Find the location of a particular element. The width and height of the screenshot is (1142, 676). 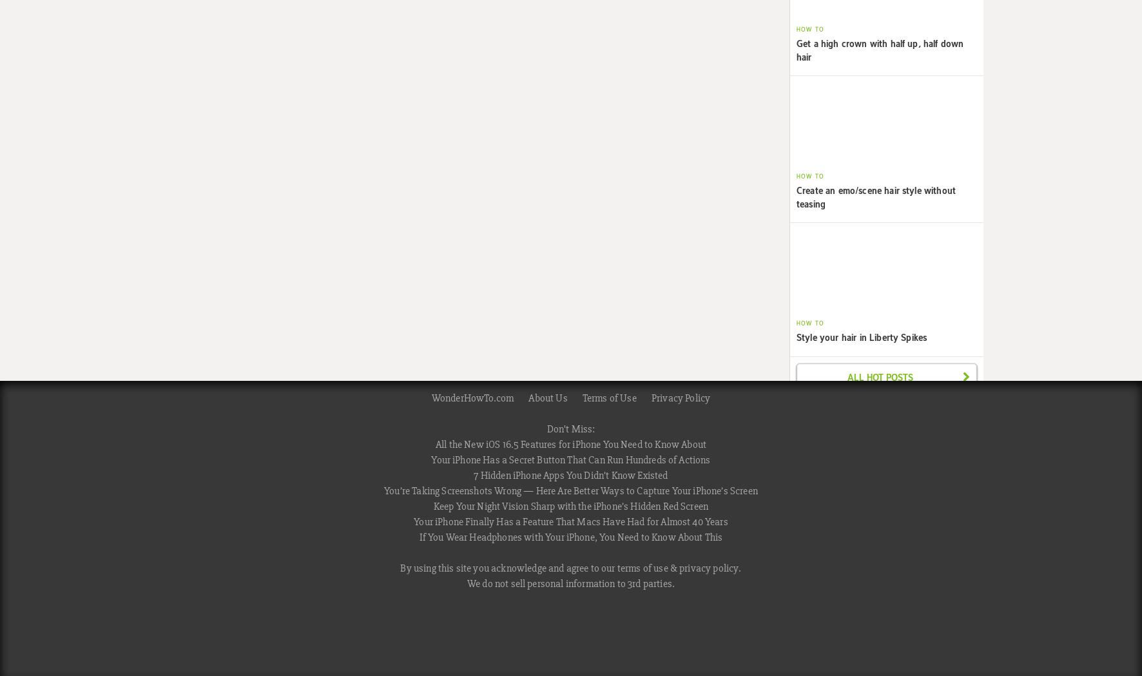

'We do not sell personal information to 3rd parties.' is located at coordinates (570, 582).